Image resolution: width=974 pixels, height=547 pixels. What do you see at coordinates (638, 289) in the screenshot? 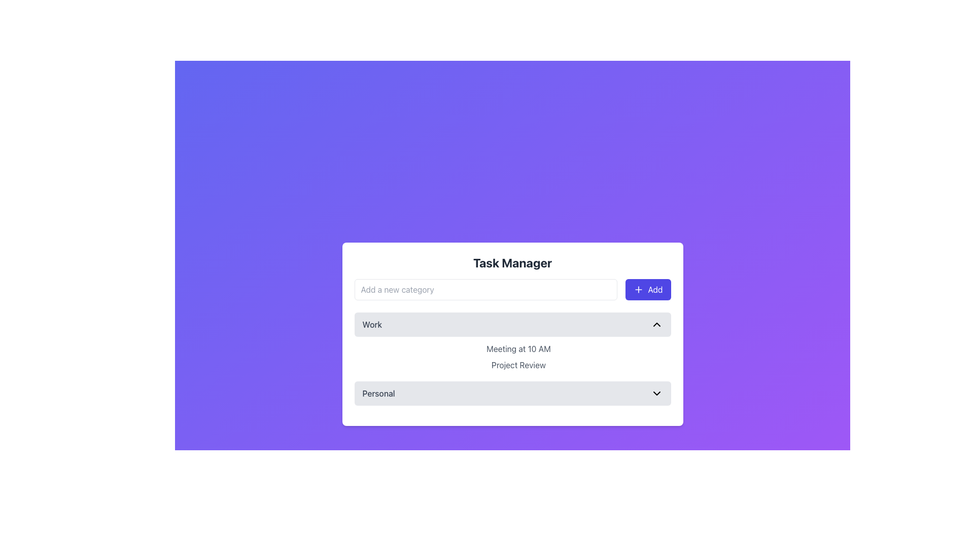
I see `the 'Add' button which contains a minimalistic plus sign SVG icon located towards the top-right of the button in the Task Manager interface` at bounding box center [638, 289].